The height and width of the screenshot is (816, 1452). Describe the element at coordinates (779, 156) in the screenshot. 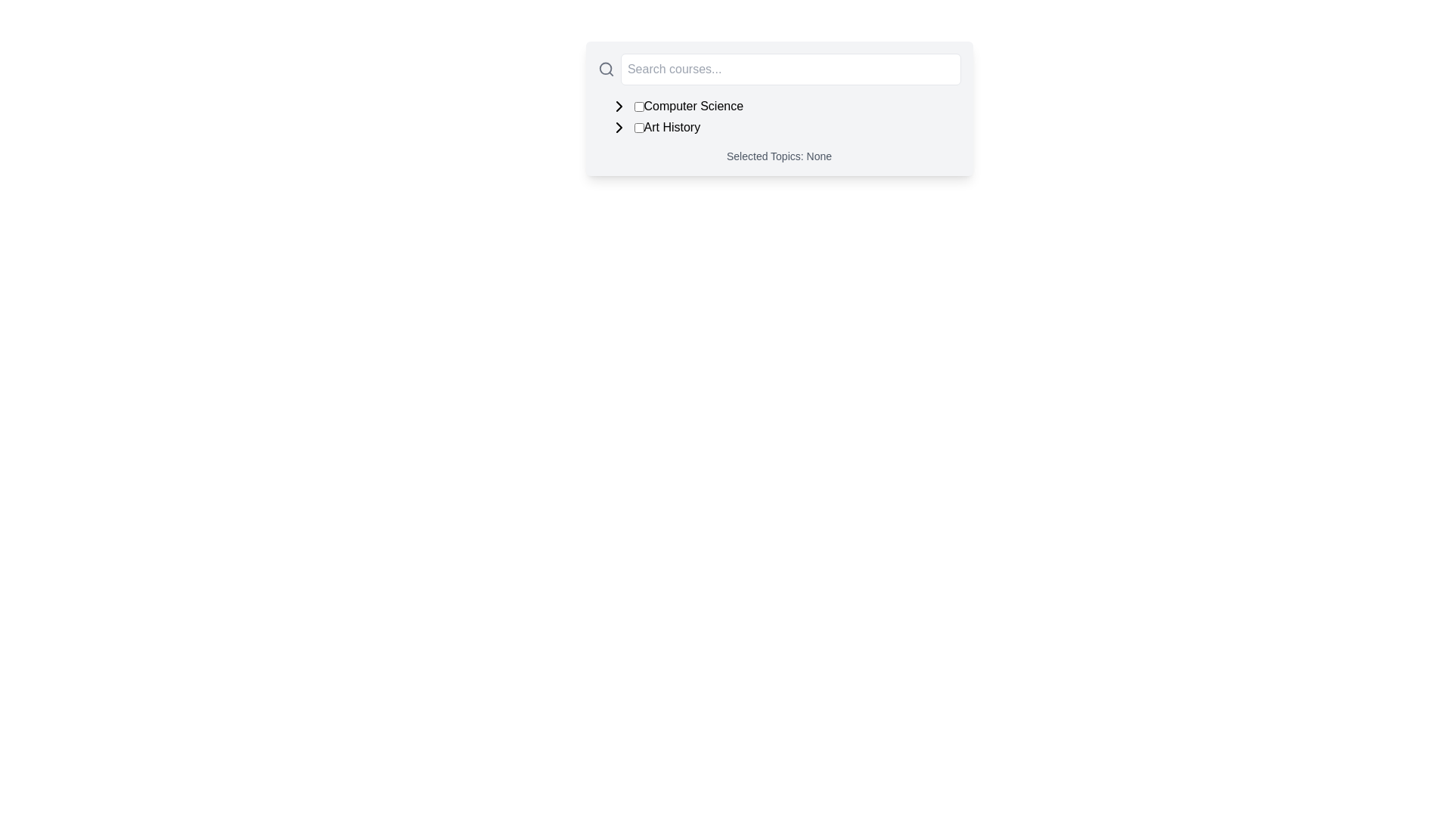

I see `the text label displaying 'Selected Topics: None' located at the footer of the content section` at that location.